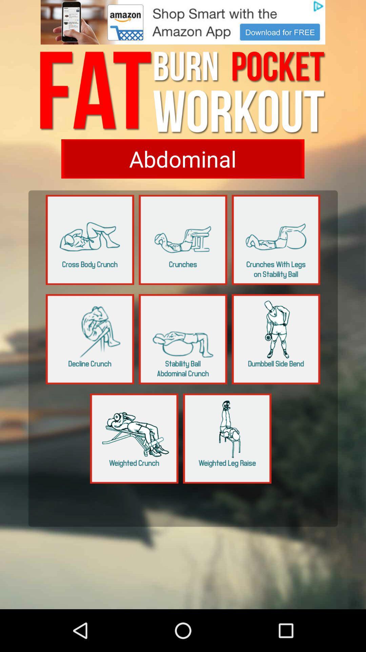 The image size is (366, 652). What do you see at coordinates (182, 158) in the screenshot?
I see `choose workout type` at bounding box center [182, 158].